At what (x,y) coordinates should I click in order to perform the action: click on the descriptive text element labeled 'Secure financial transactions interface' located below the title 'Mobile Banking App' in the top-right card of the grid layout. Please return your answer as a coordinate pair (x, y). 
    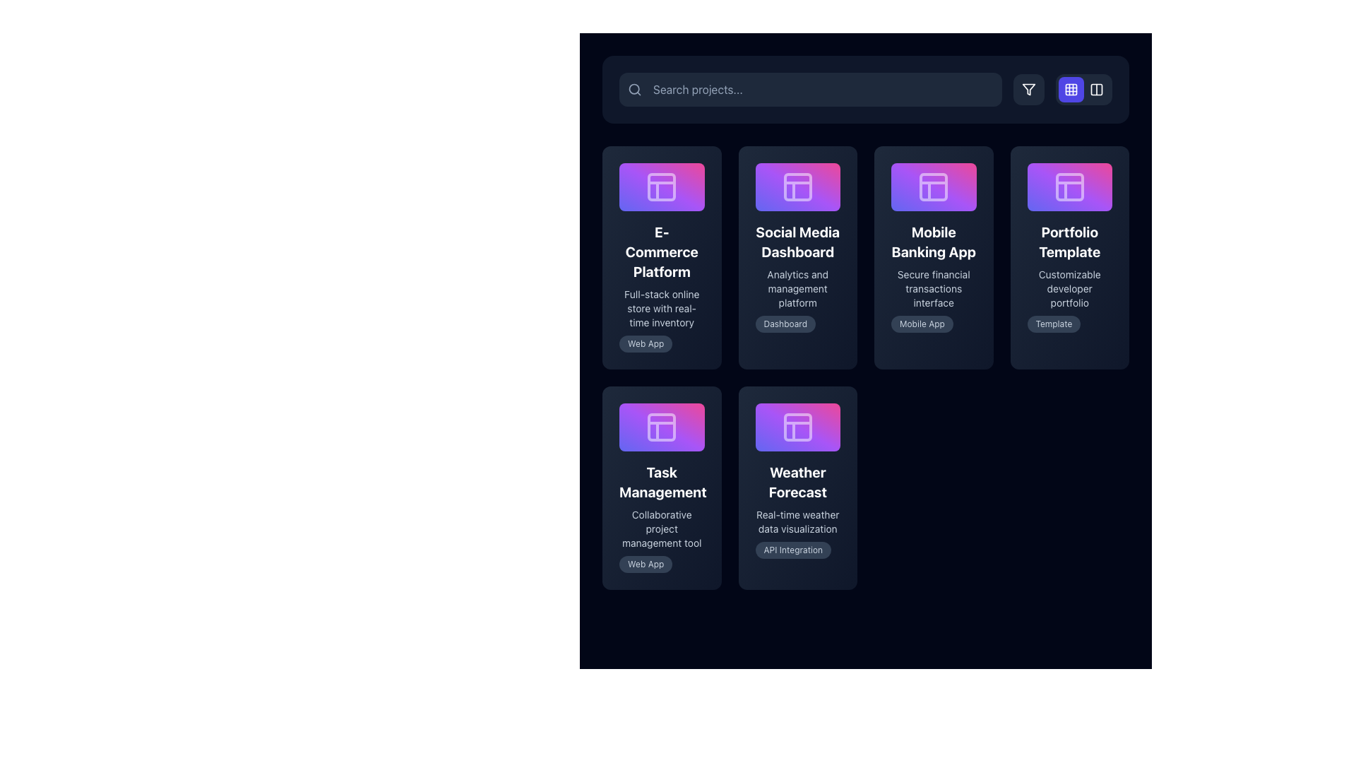
    Looking at the image, I should click on (934, 288).